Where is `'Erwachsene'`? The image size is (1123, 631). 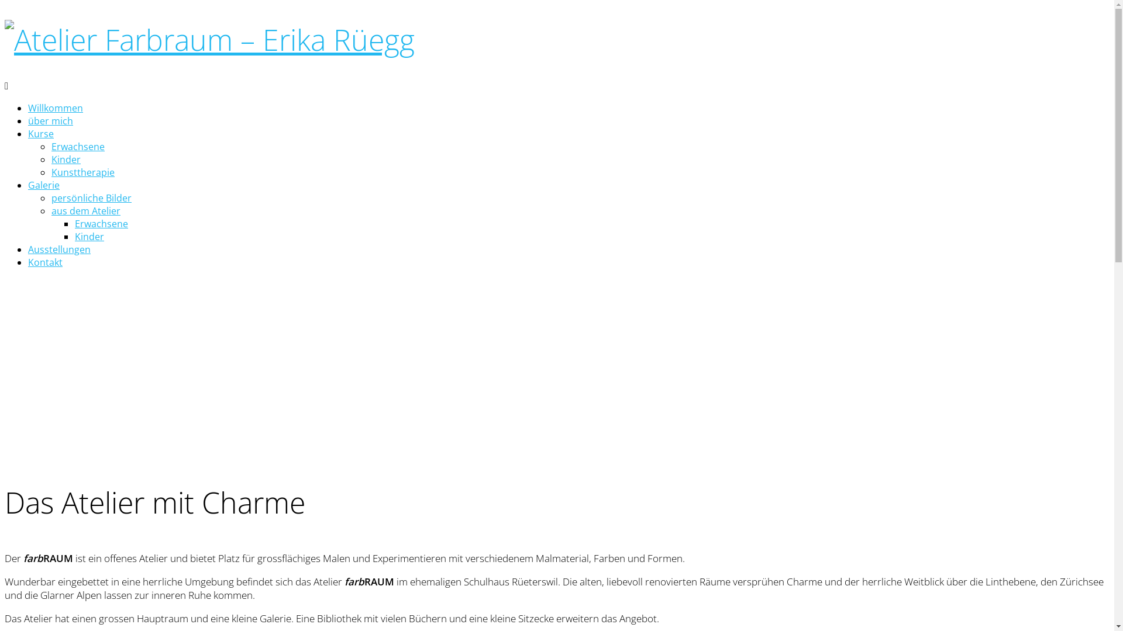 'Erwachsene' is located at coordinates (101, 223).